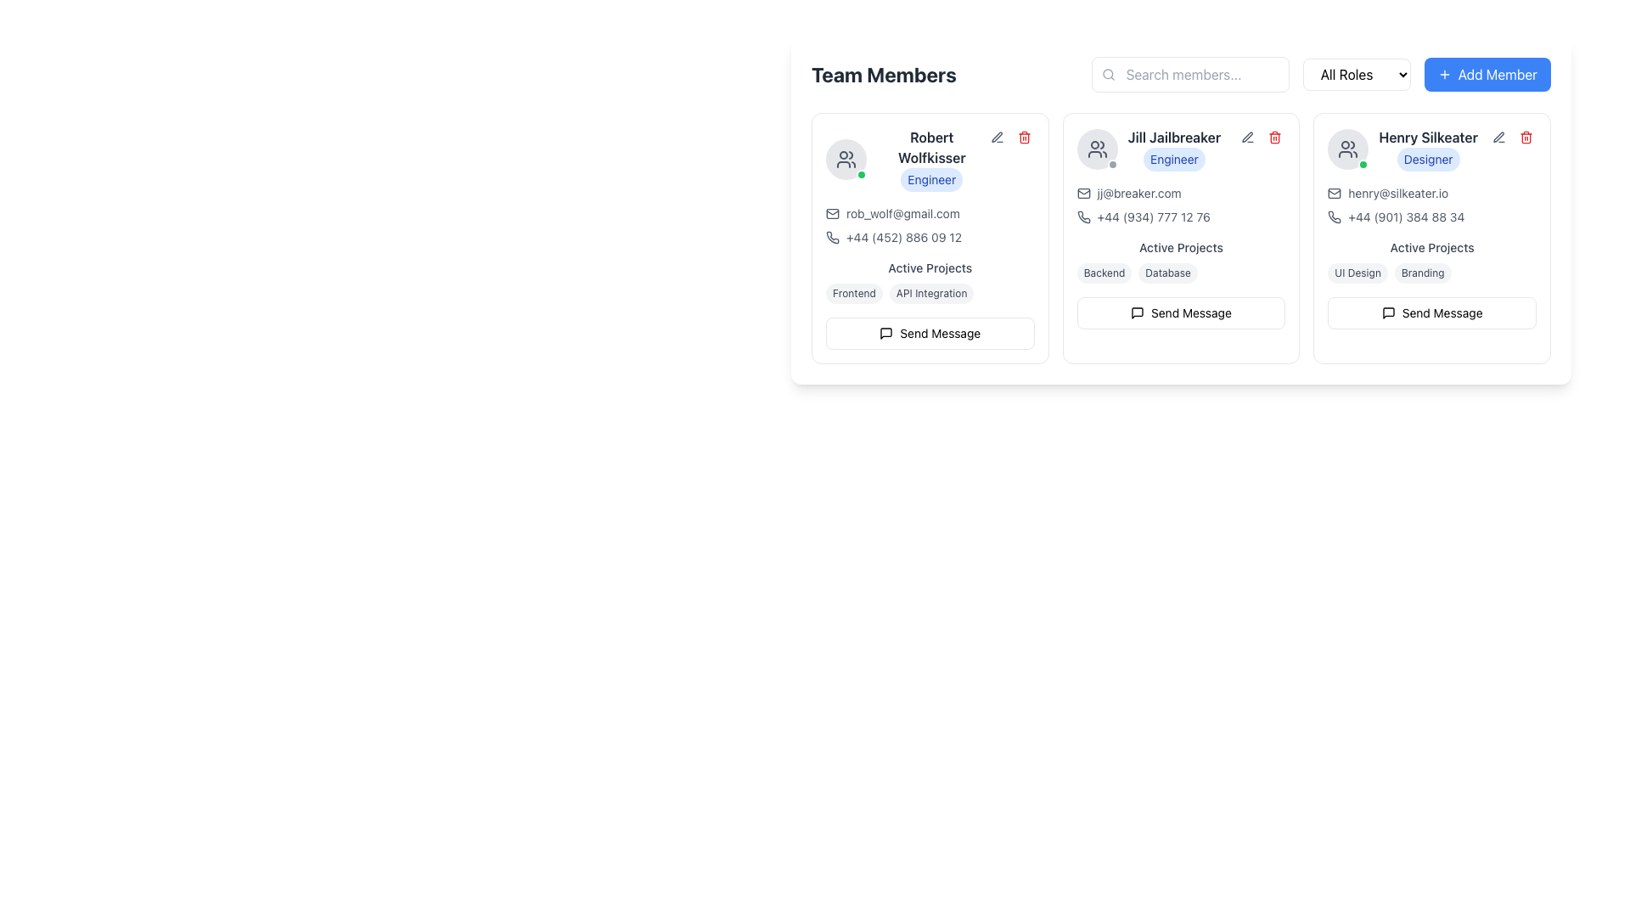 This screenshot has height=917, width=1630. What do you see at coordinates (1356, 74) in the screenshot?
I see `the dropdown menu that allows users to filter or select roles, located to the right of the search bar and to the left of the 'Add Member' button in the horizontal toolbar` at bounding box center [1356, 74].